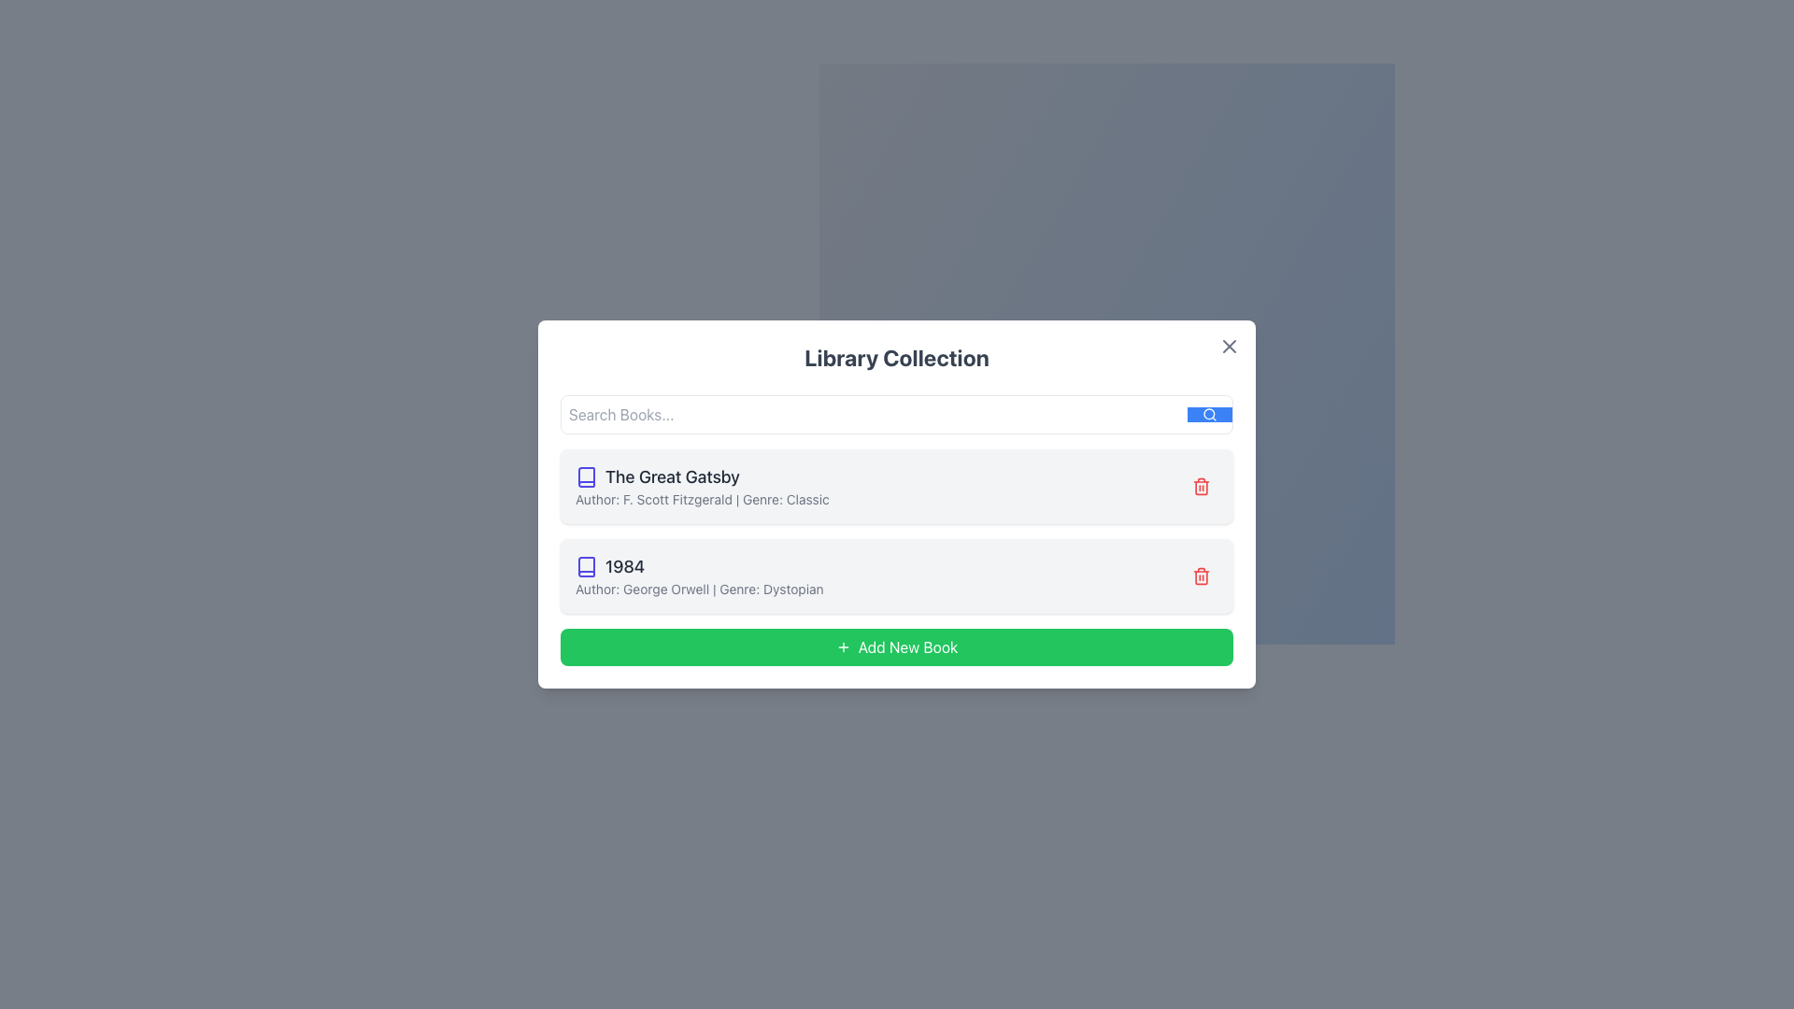 The height and width of the screenshot is (1009, 1794). I want to click on the text label displaying supplementary information about the book 'The Great Gatsby', which includes the author's name and genre, located below the title in the 'Library Collection' interface, so click(701, 499).